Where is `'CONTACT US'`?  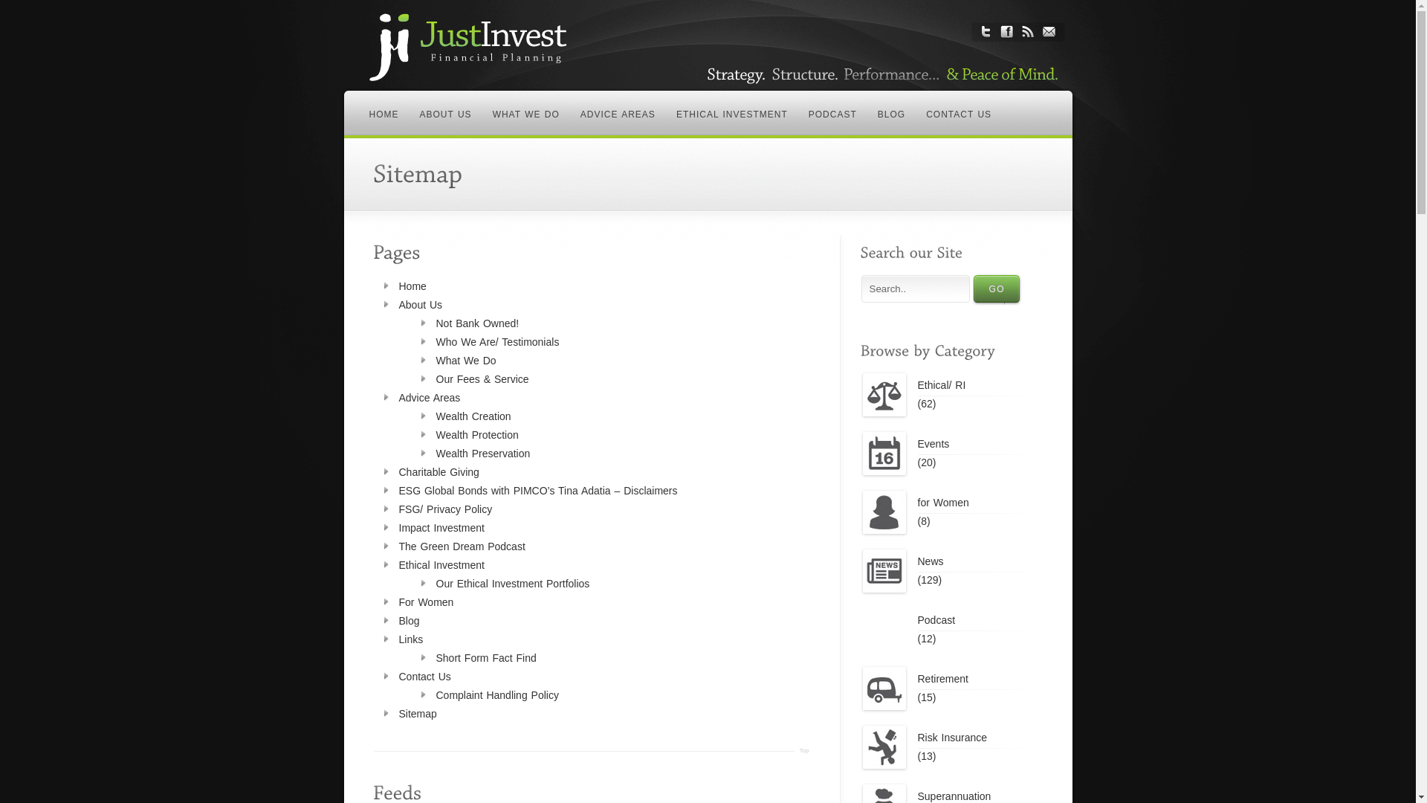
'CONTACT US' is located at coordinates (959, 114).